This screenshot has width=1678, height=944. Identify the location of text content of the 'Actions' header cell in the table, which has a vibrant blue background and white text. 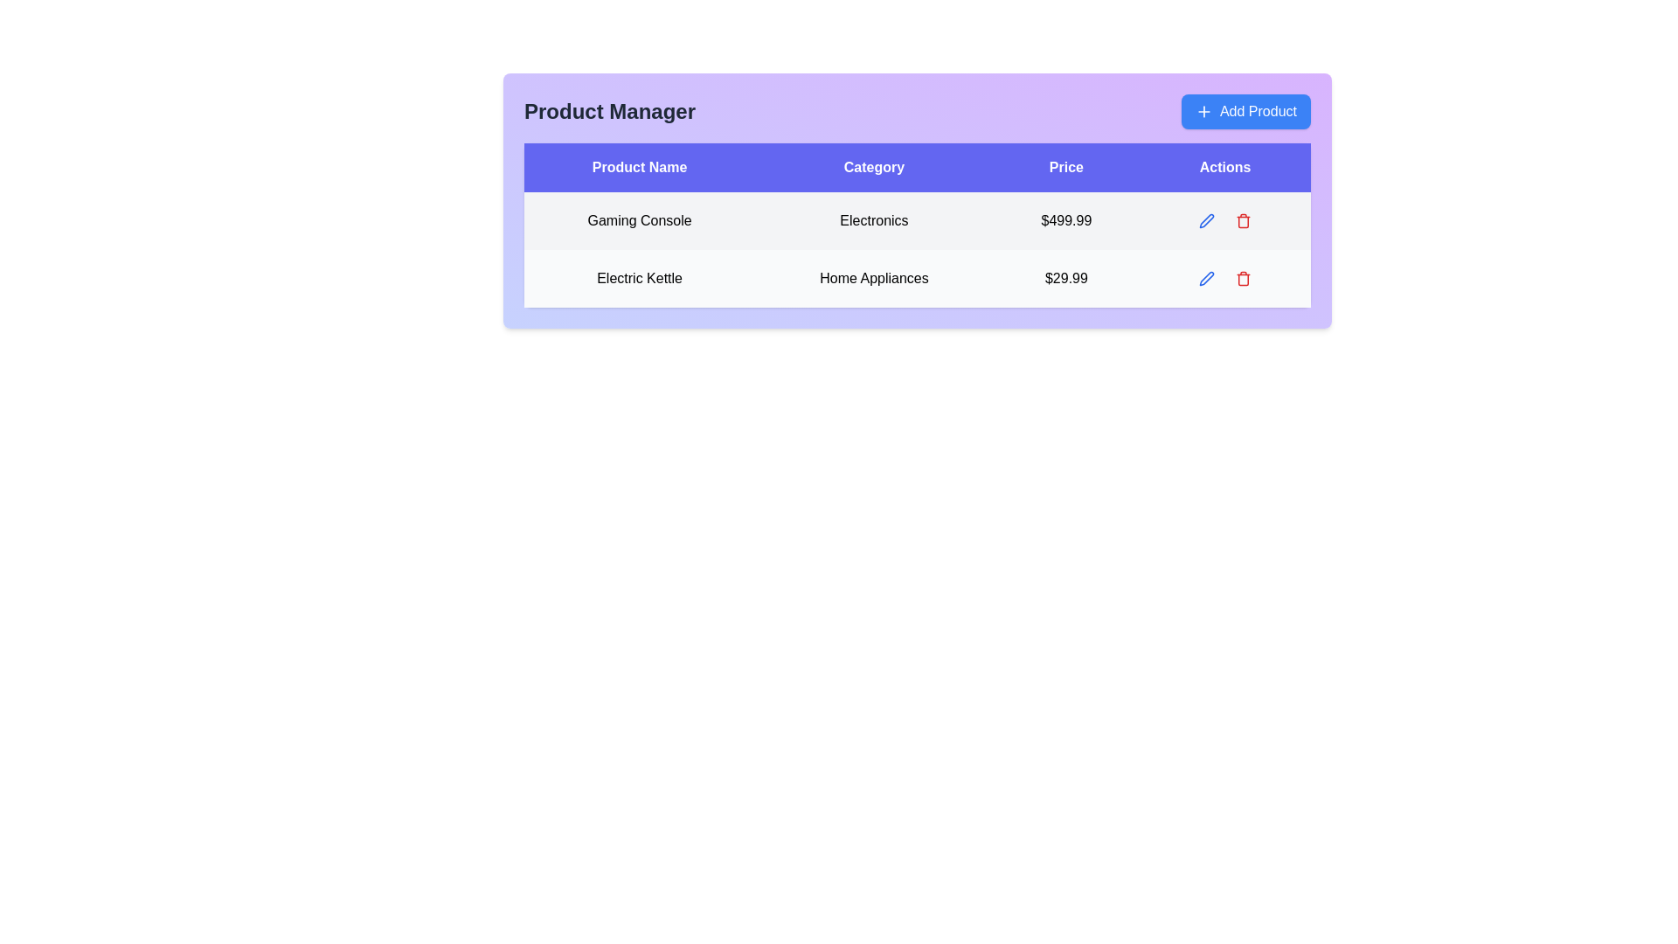
(1224, 168).